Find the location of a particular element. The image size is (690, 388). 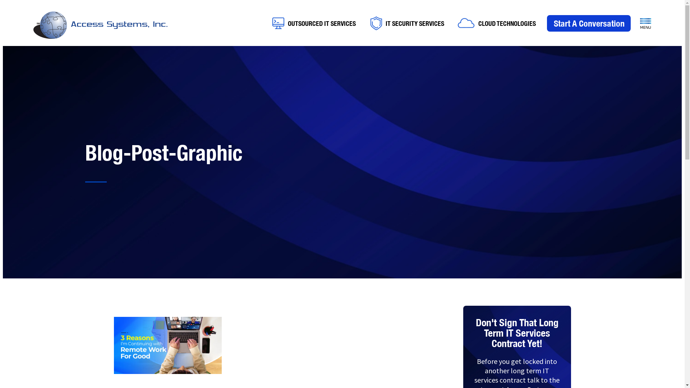

'MENU' is located at coordinates (645, 23).